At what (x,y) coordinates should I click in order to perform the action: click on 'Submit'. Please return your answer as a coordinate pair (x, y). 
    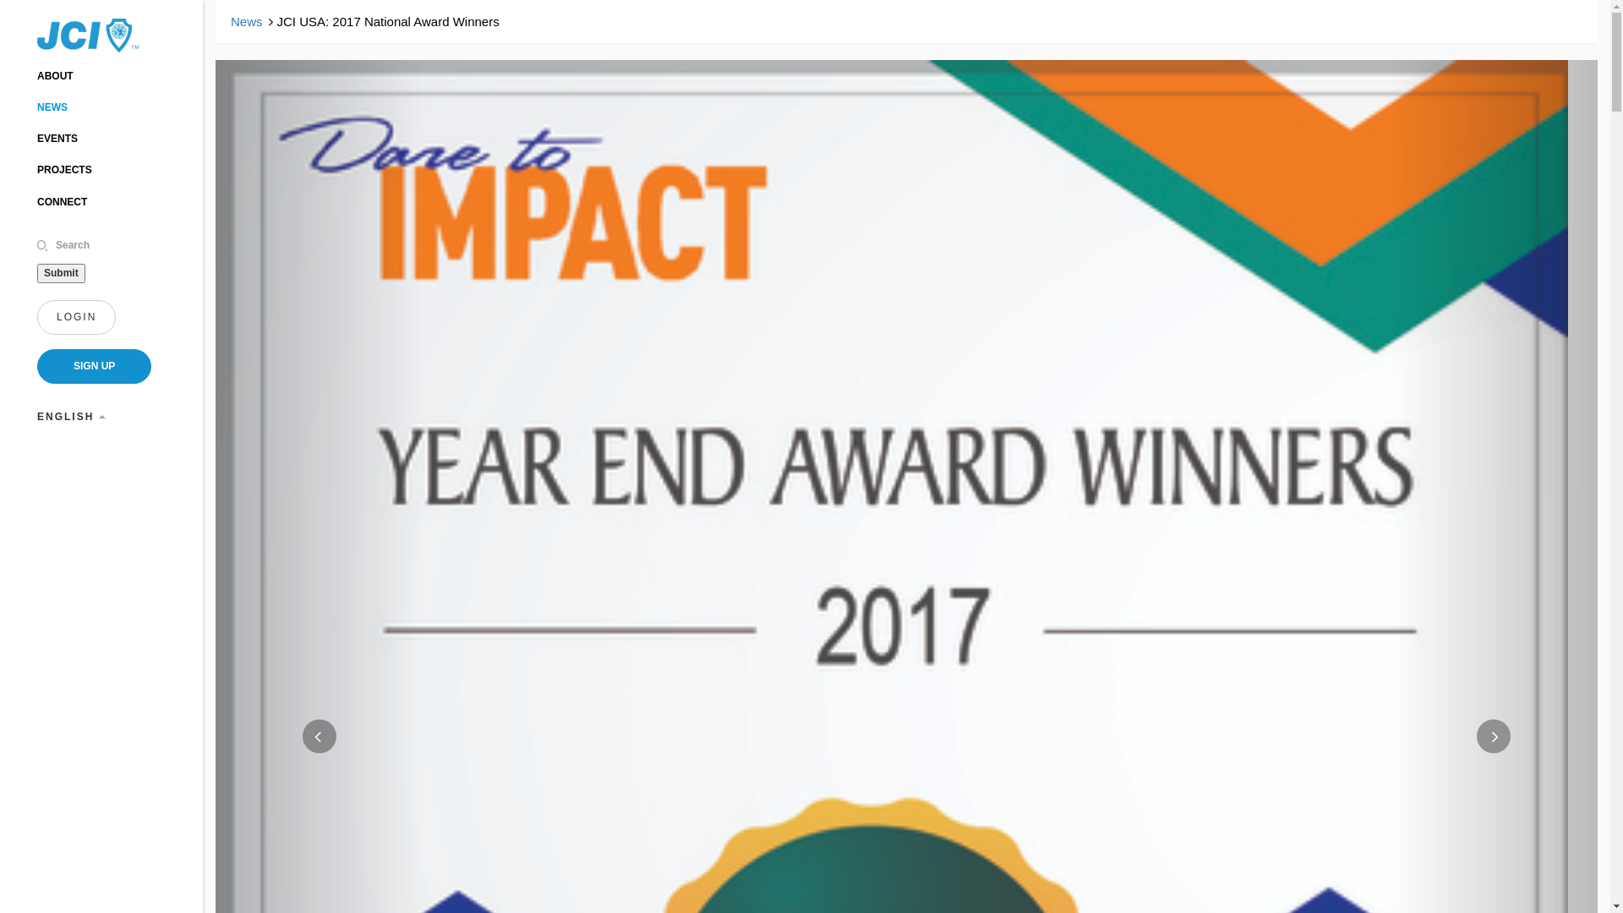
    Looking at the image, I should click on (36, 272).